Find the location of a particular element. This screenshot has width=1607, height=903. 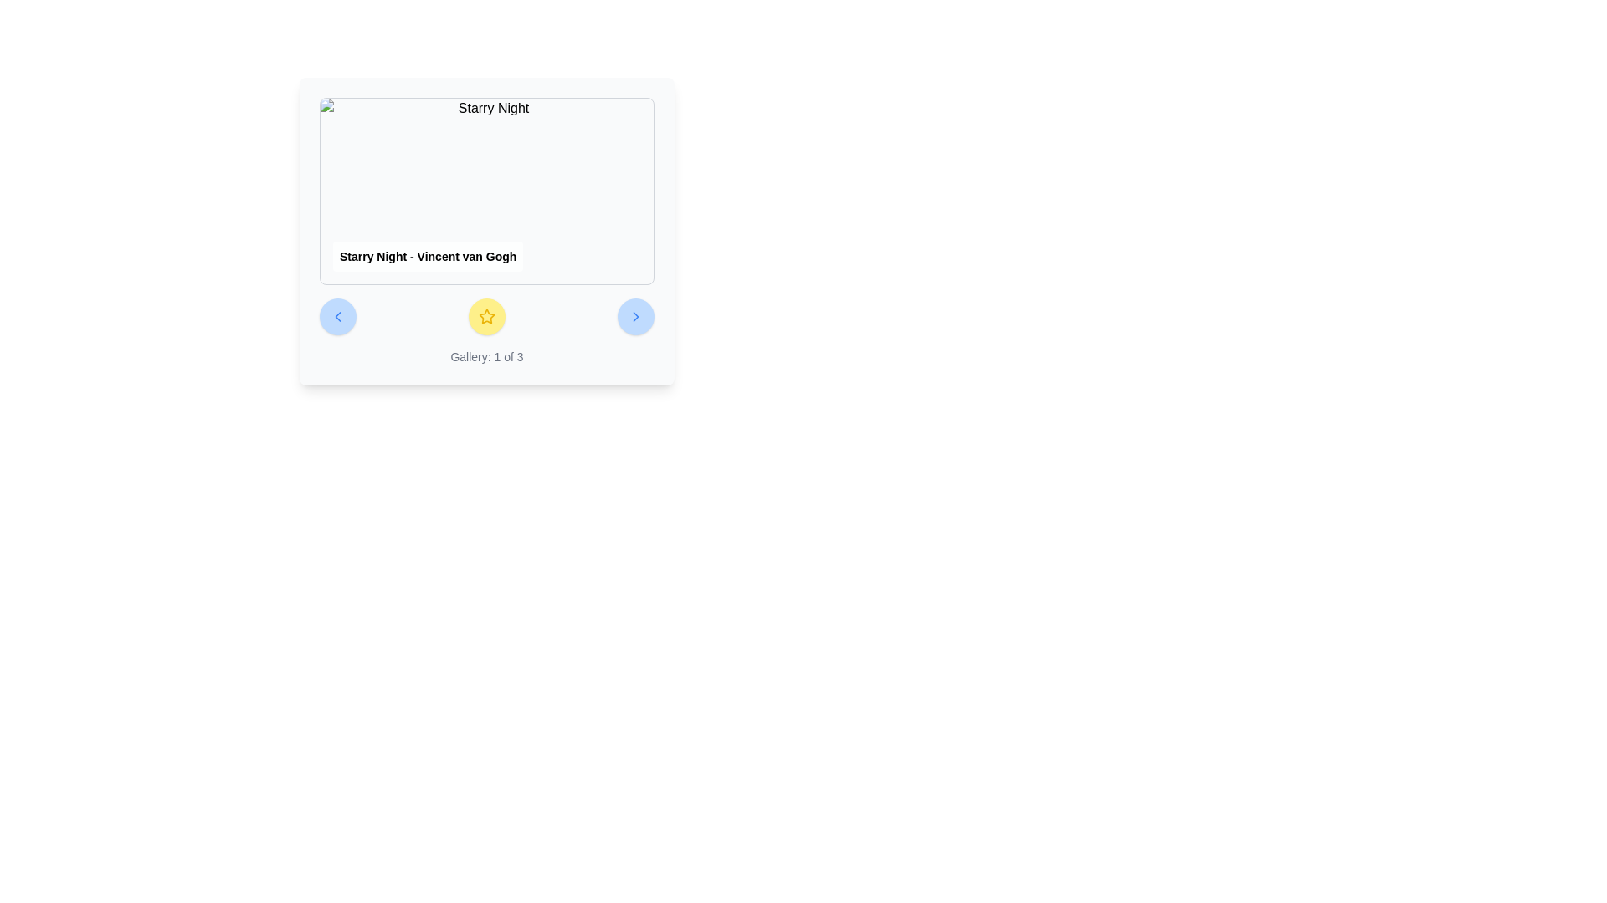

the yellow star icon button with a hollow center is located at coordinates (485, 316).